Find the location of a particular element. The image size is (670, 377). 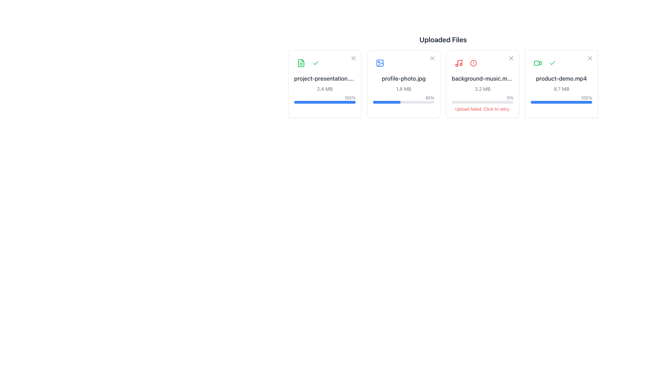

static text header displaying 'Uploaded Files' located at the top of its section is located at coordinates (443, 40).